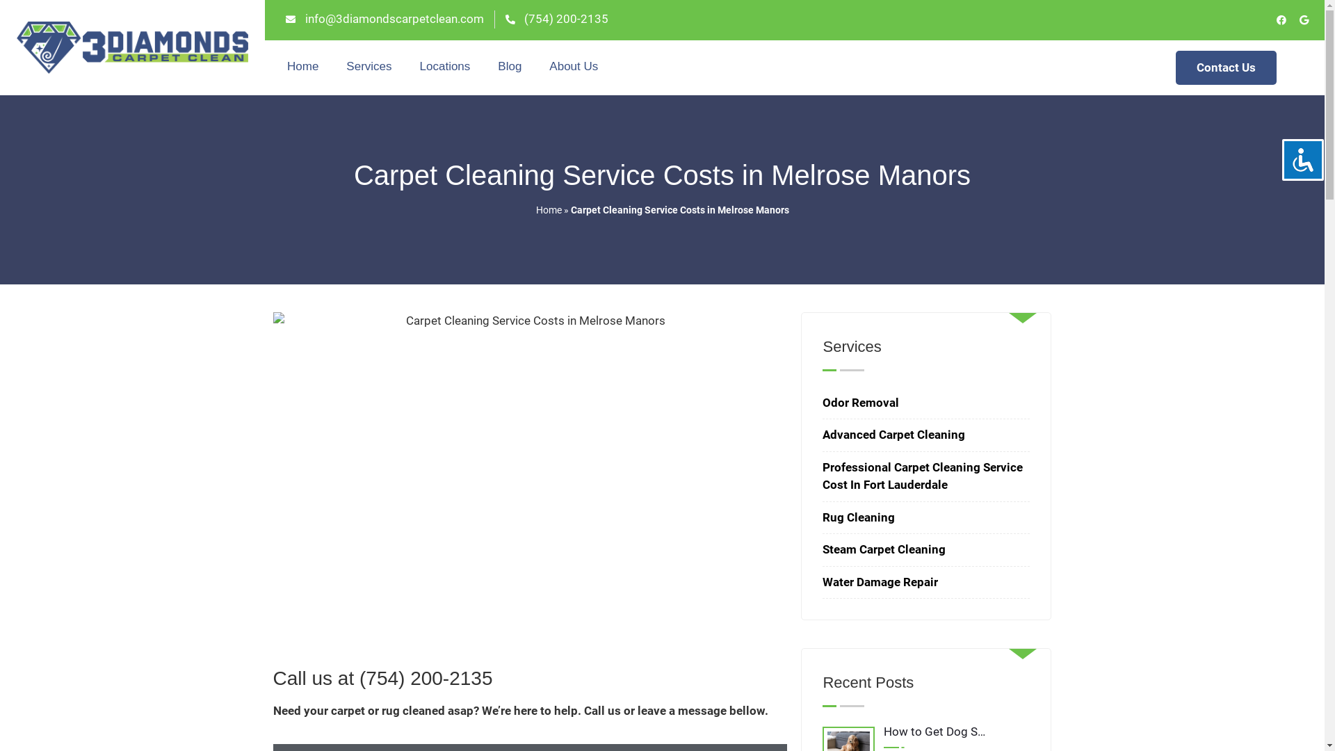  Describe the element at coordinates (534, 210) in the screenshot. I see `'Home'` at that location.